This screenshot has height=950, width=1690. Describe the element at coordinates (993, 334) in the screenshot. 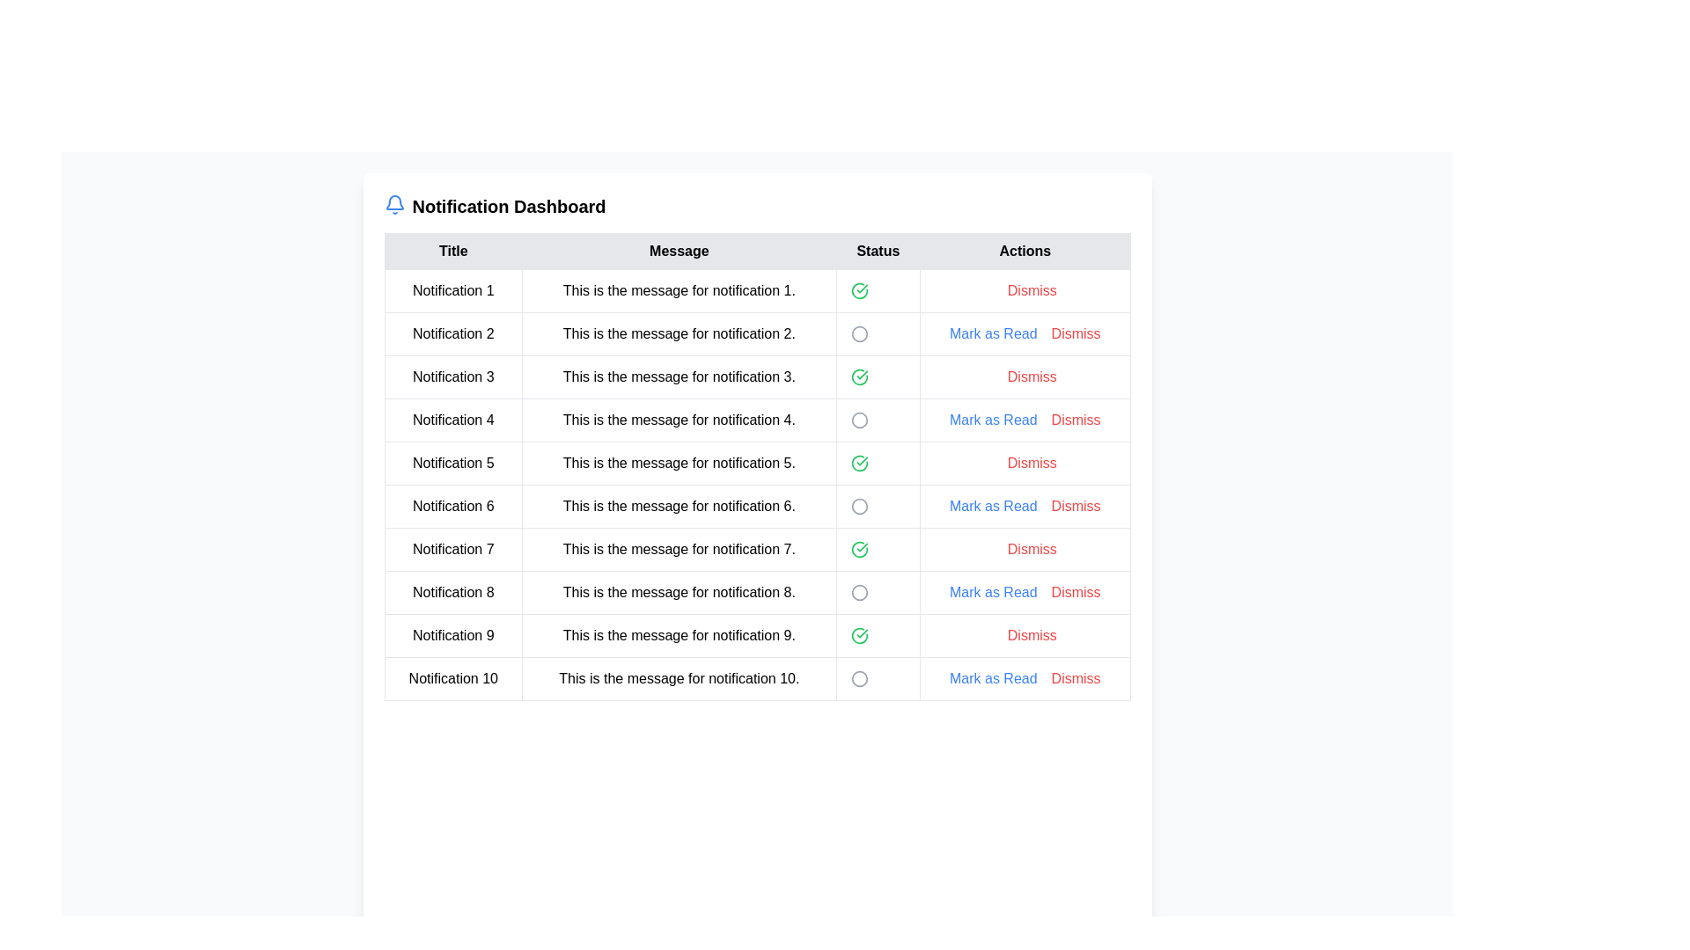

I see `the hyperlink in the 'Actions' column corresponding to 'Notification 2'` at that location.